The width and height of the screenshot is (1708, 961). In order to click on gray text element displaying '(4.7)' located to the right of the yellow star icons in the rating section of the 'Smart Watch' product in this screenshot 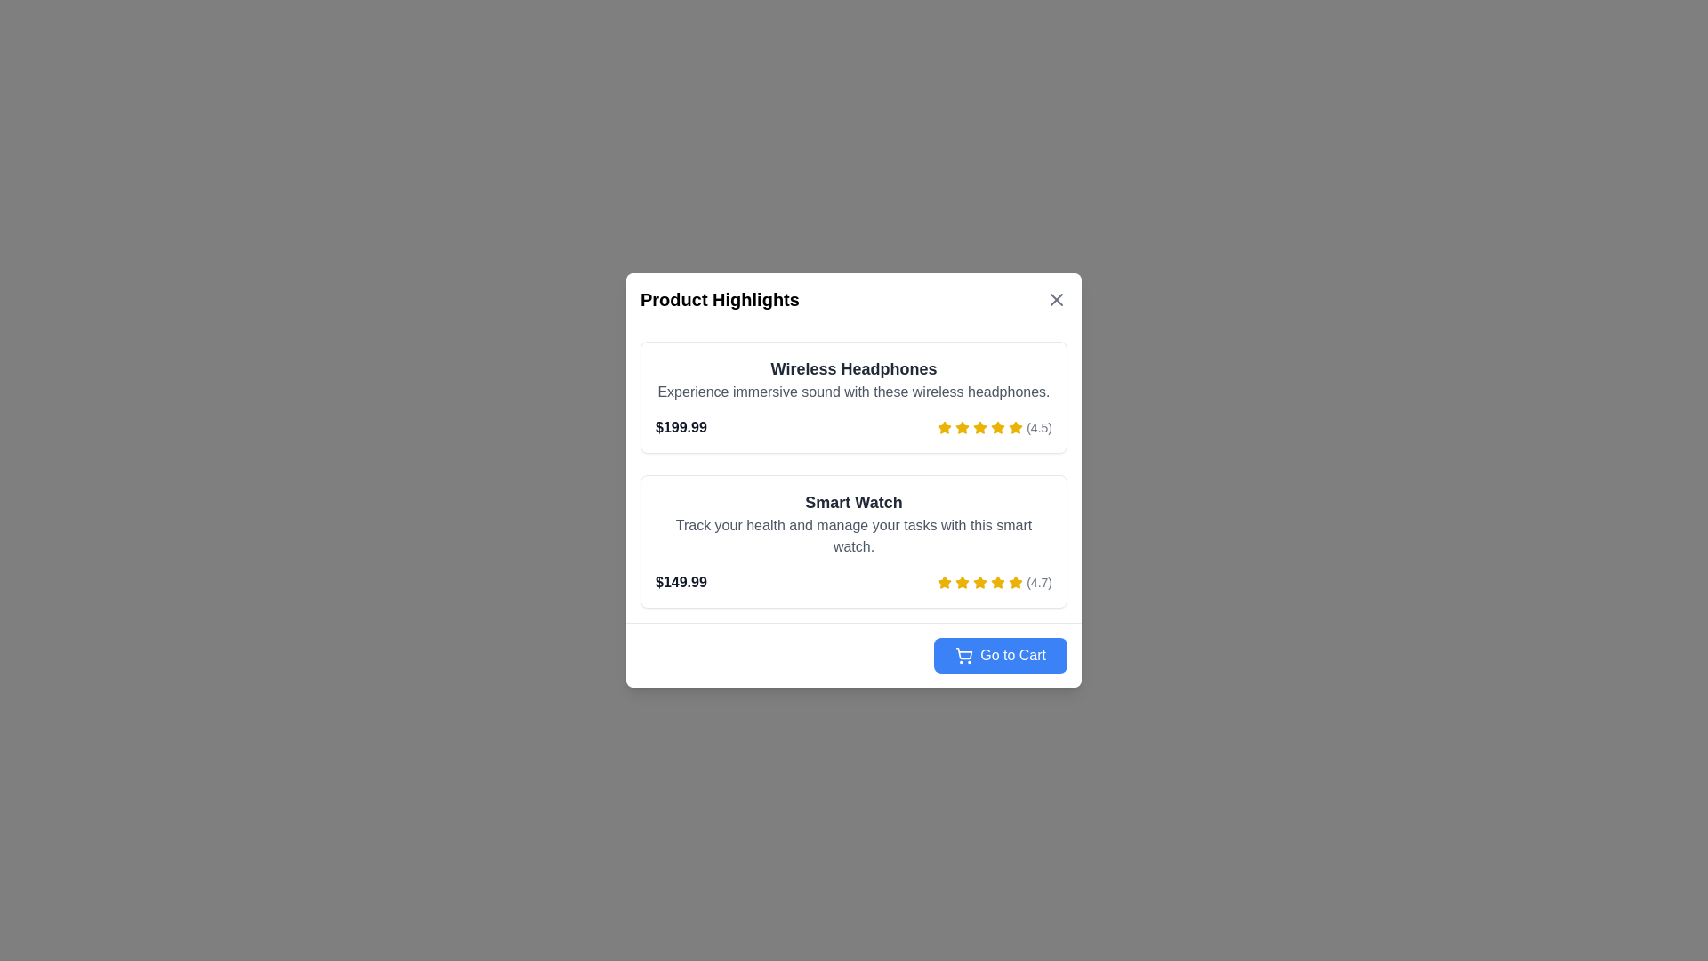, I will do `click(1039, 583)`.